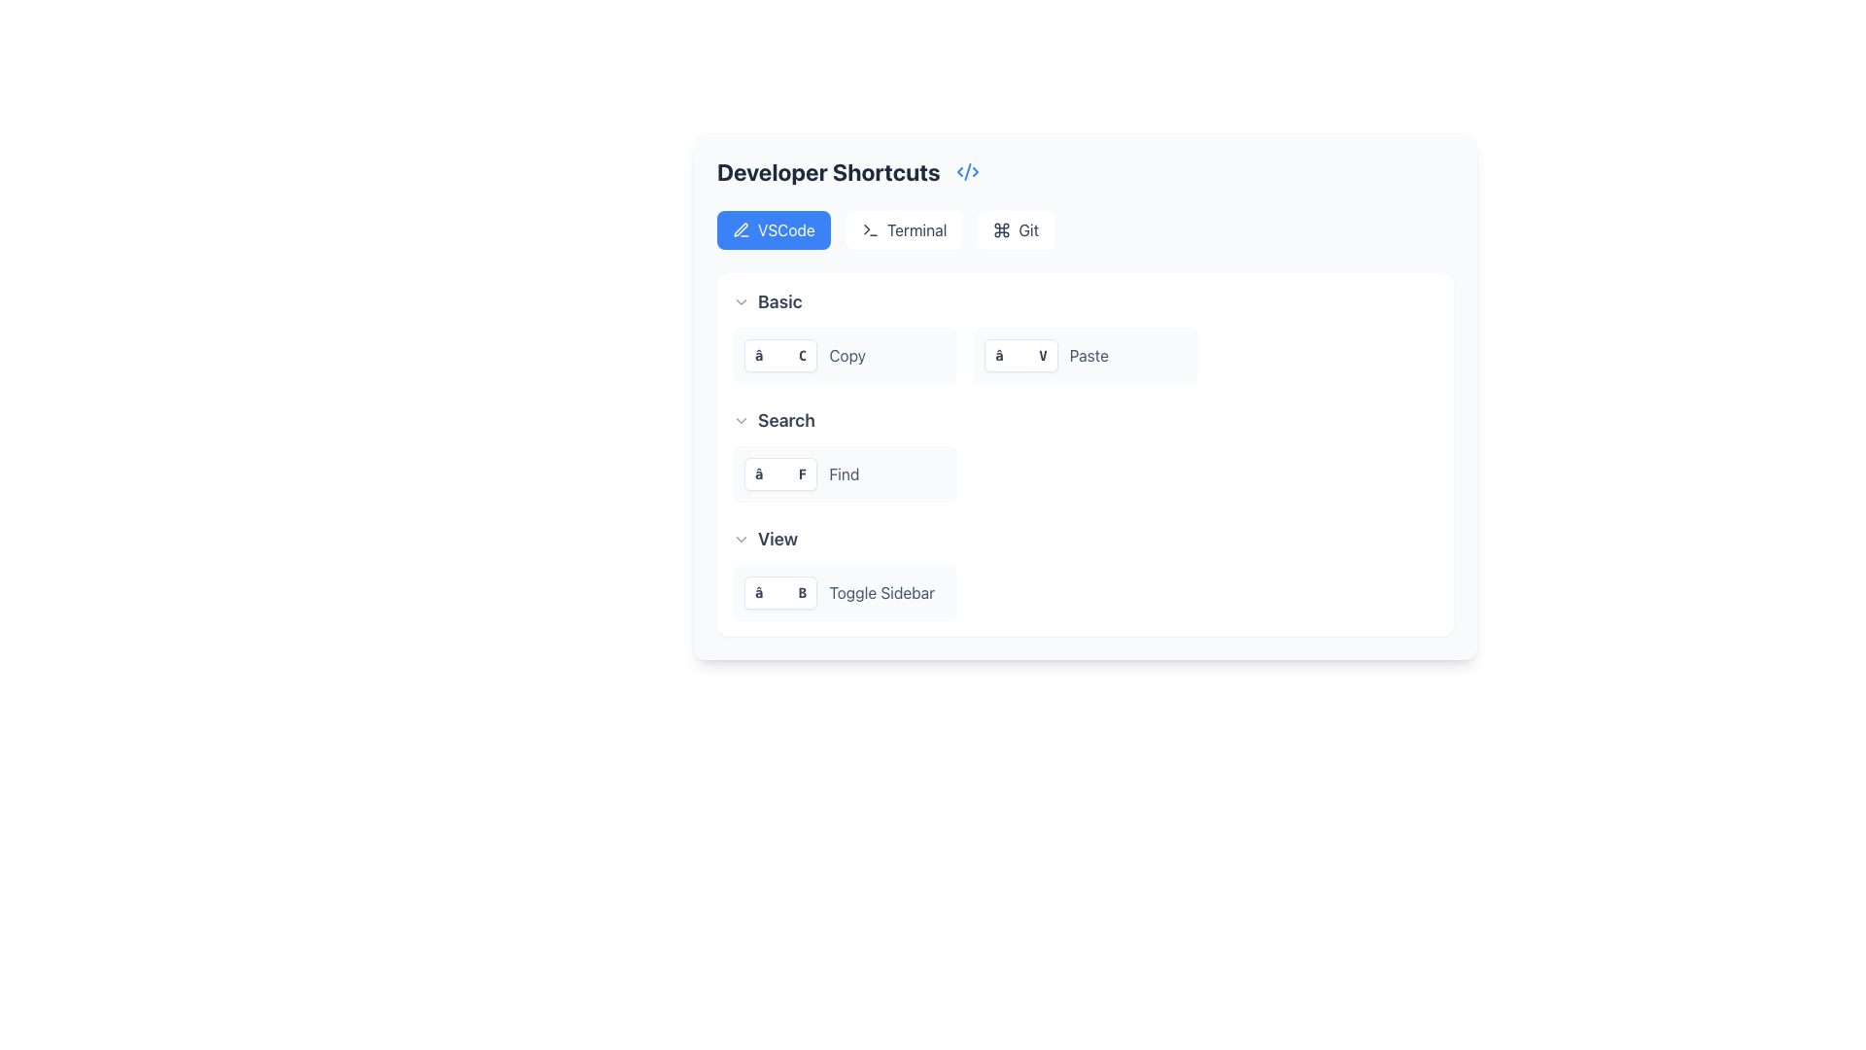 This screenshot has width=1866, height=1050. What do you see at coordinates (1085, 356) in the screenshot?
I see `the Button-like component representing the paste functionality, located in the second position within the 'Basic' group of the 'Developer Shortcuts' interface, to the immediate right of the 'Copy' button` at bounding box center [1085, 356].